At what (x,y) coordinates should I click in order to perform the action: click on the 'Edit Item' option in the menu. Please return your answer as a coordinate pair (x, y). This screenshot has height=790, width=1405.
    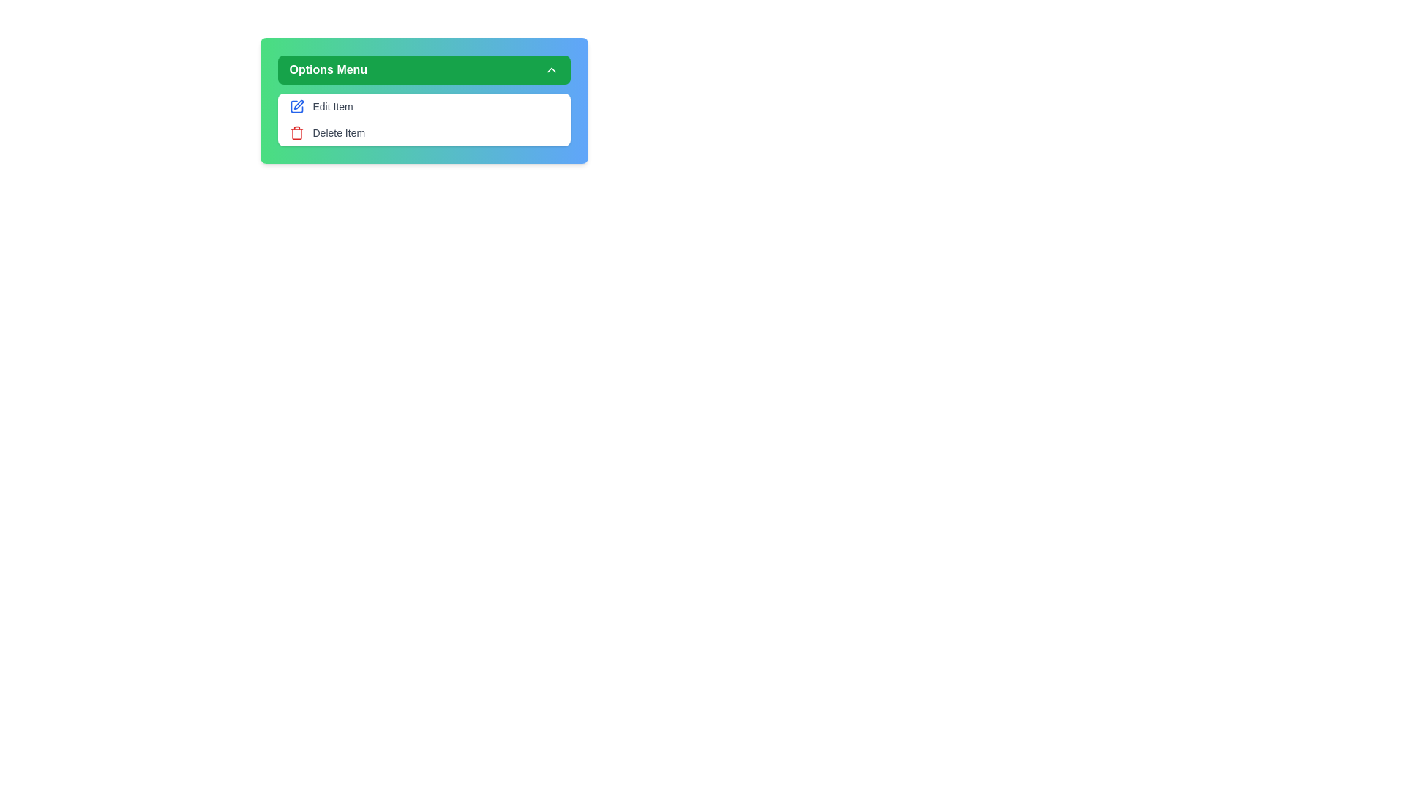
    Looking at the image, I should click on (423, 106).